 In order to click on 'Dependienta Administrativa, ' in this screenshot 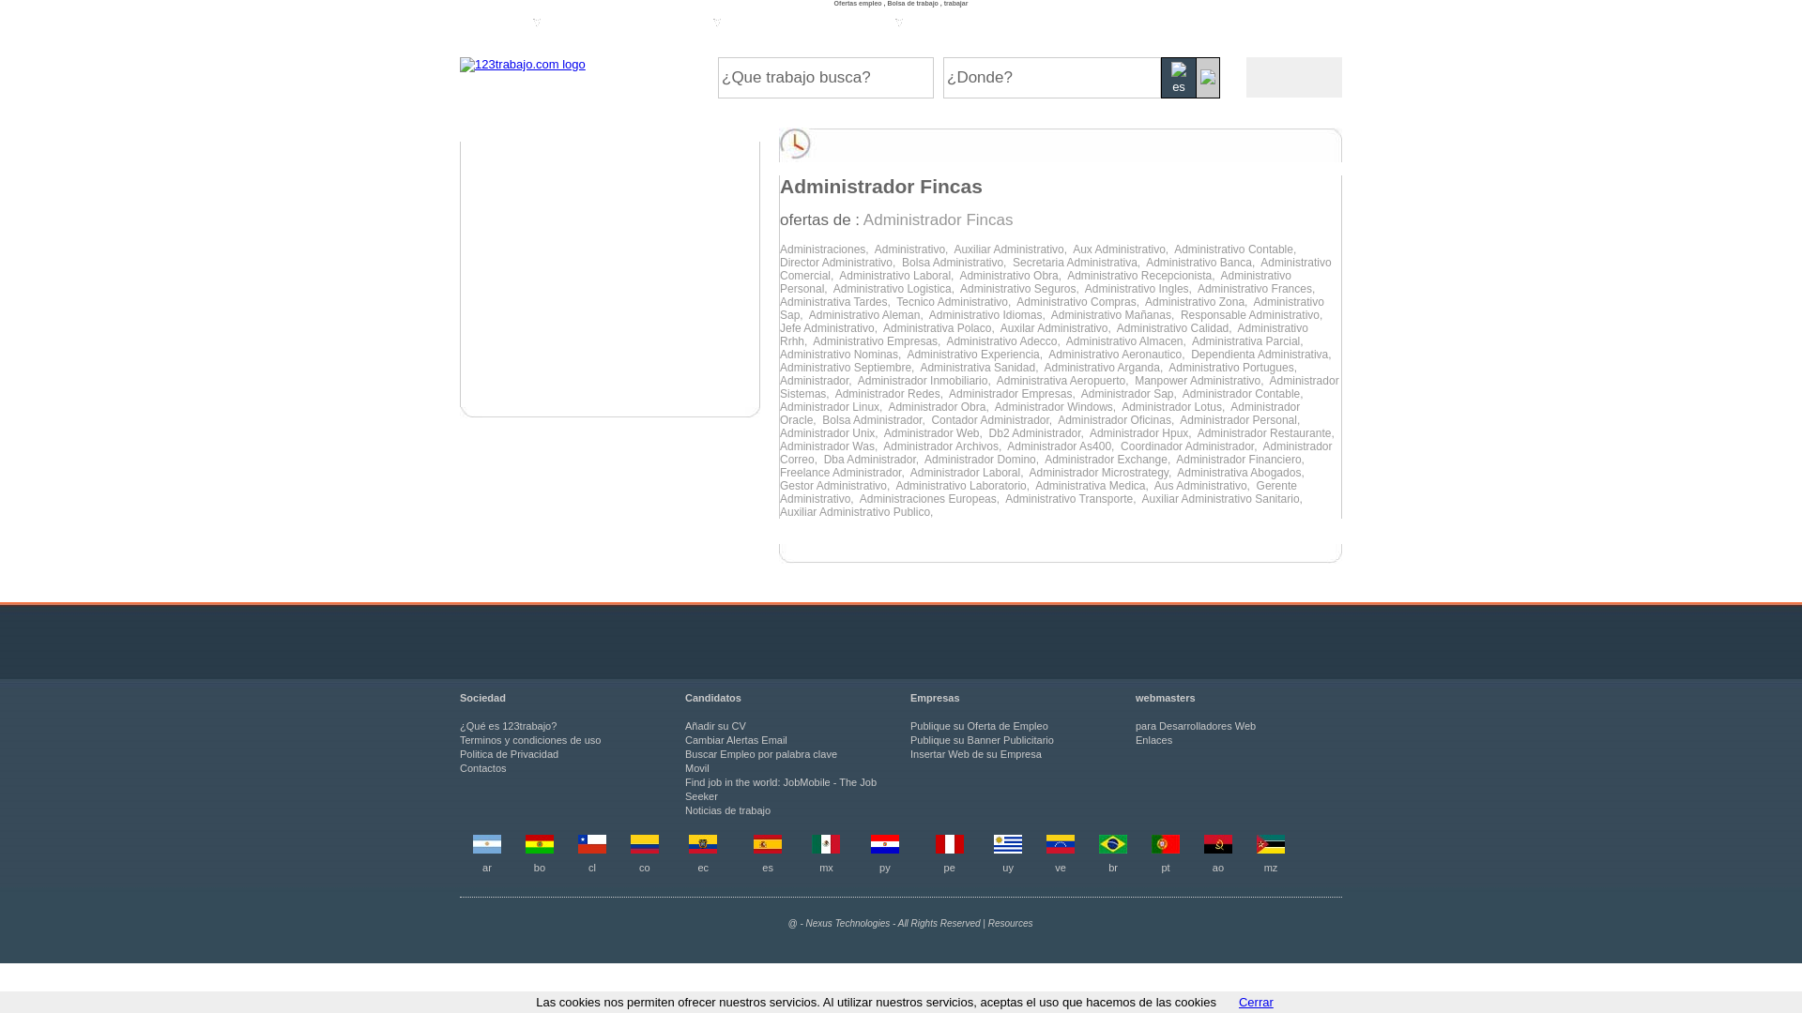, I will do `click(1262, 355)`.